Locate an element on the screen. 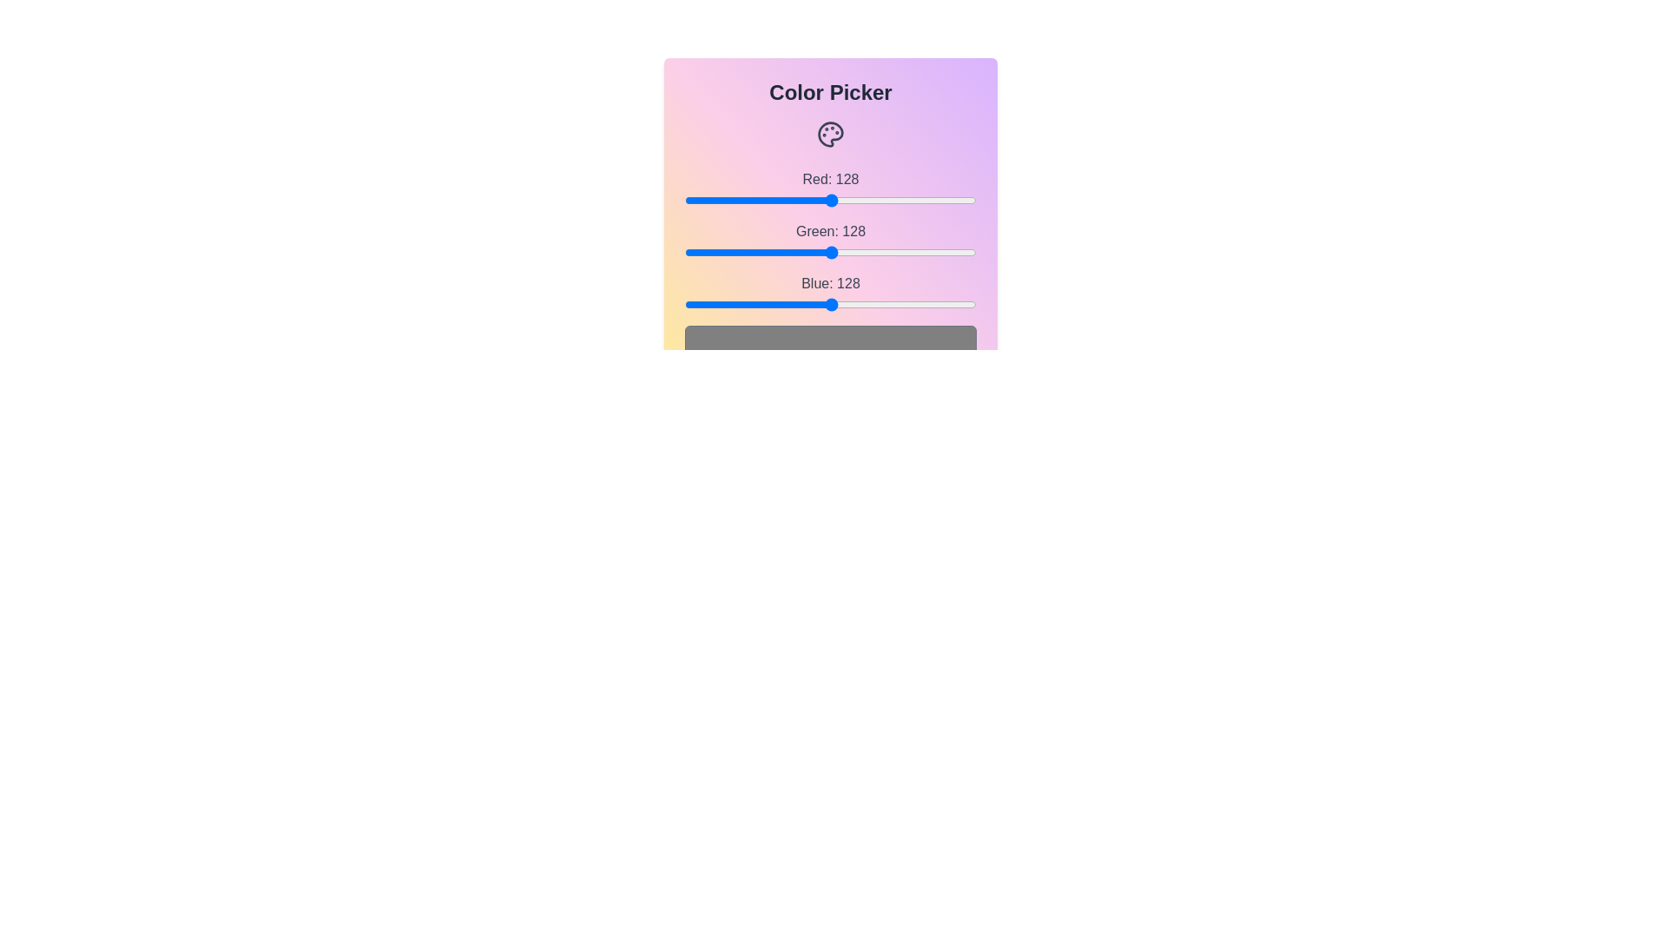 The height and width of the screenshot is (938, 1667). the green slider to set the green channel value to 208 is located at coordinates (922, 252).